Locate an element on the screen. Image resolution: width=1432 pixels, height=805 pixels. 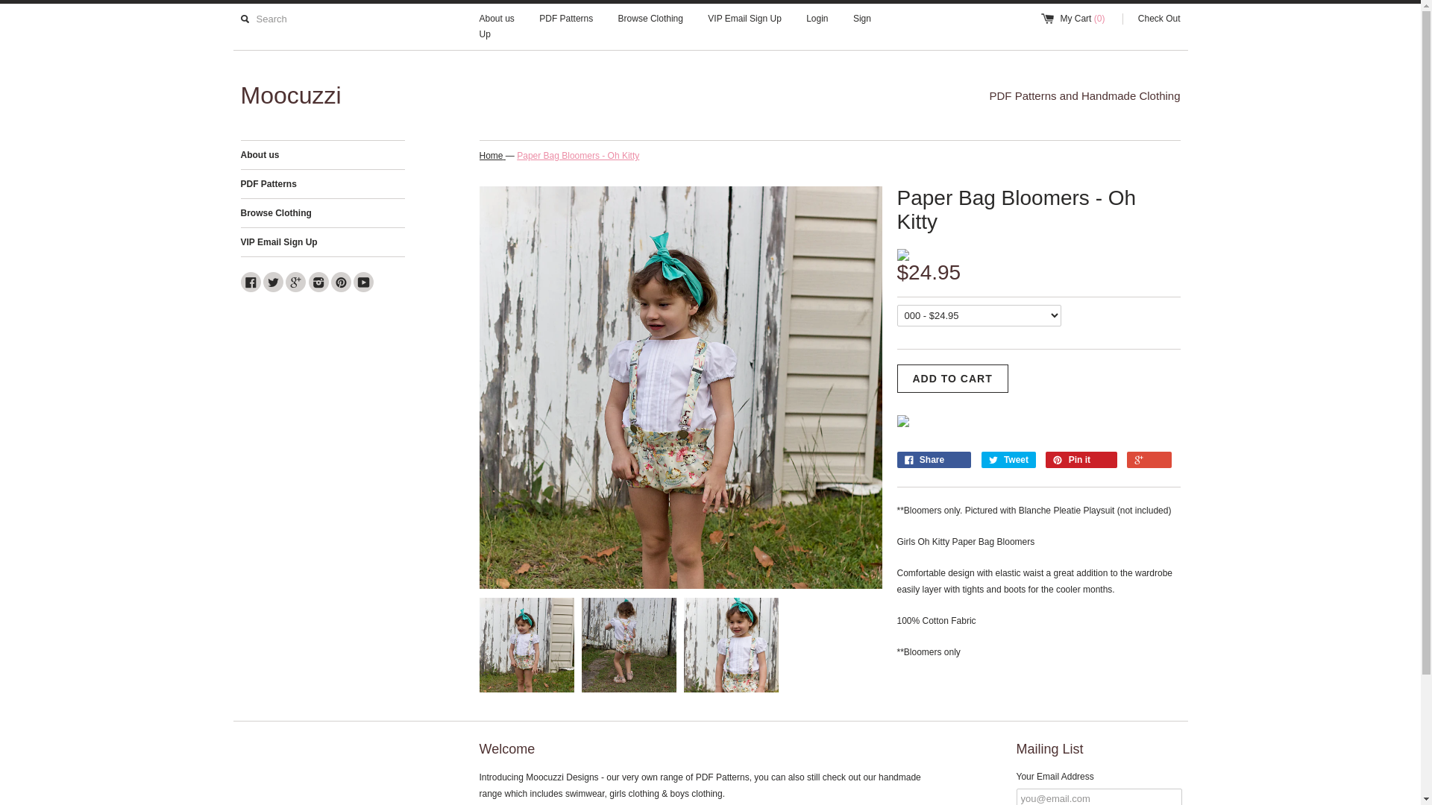
'Sign Up' is located at coordinates (479, 26).